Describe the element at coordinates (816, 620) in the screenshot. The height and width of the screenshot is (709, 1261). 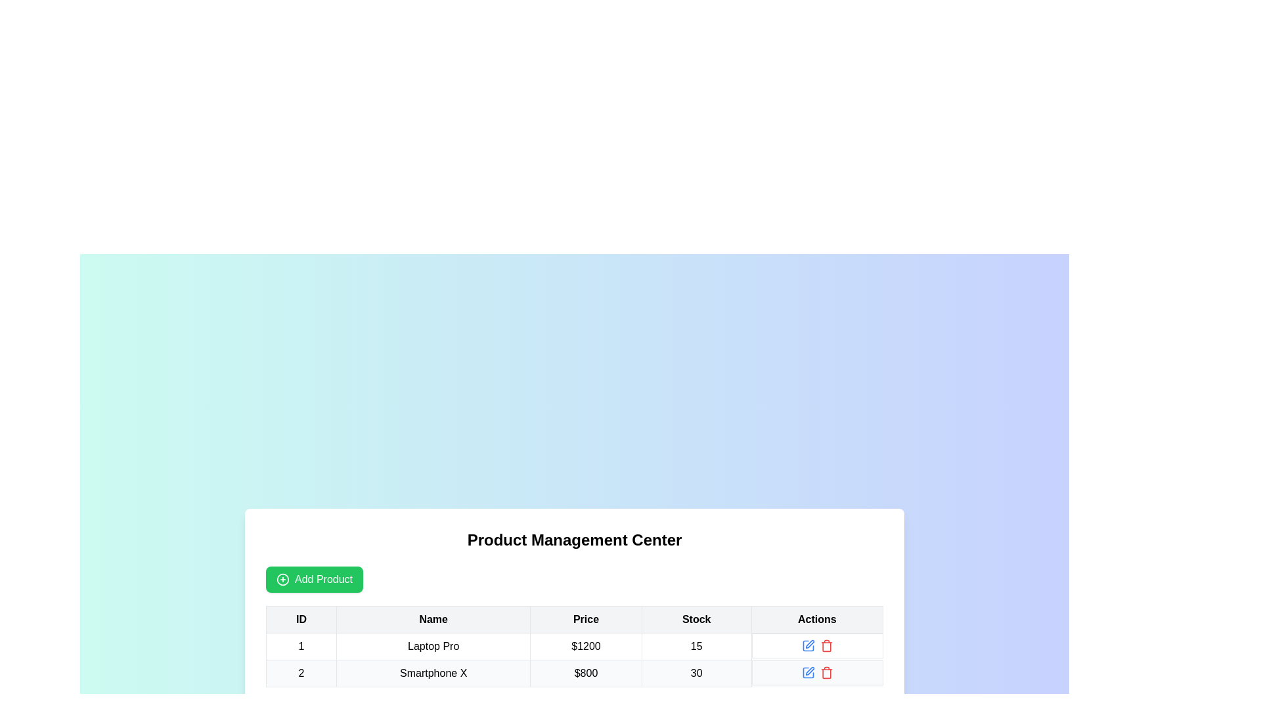
I see `the Table Header Cell located in the last column of the table, which contains action buttons or links for each row, positioned at the upper-right corner after the columns labeled 'ID', 'Name', 'Price', and 'Stock'` at that location.